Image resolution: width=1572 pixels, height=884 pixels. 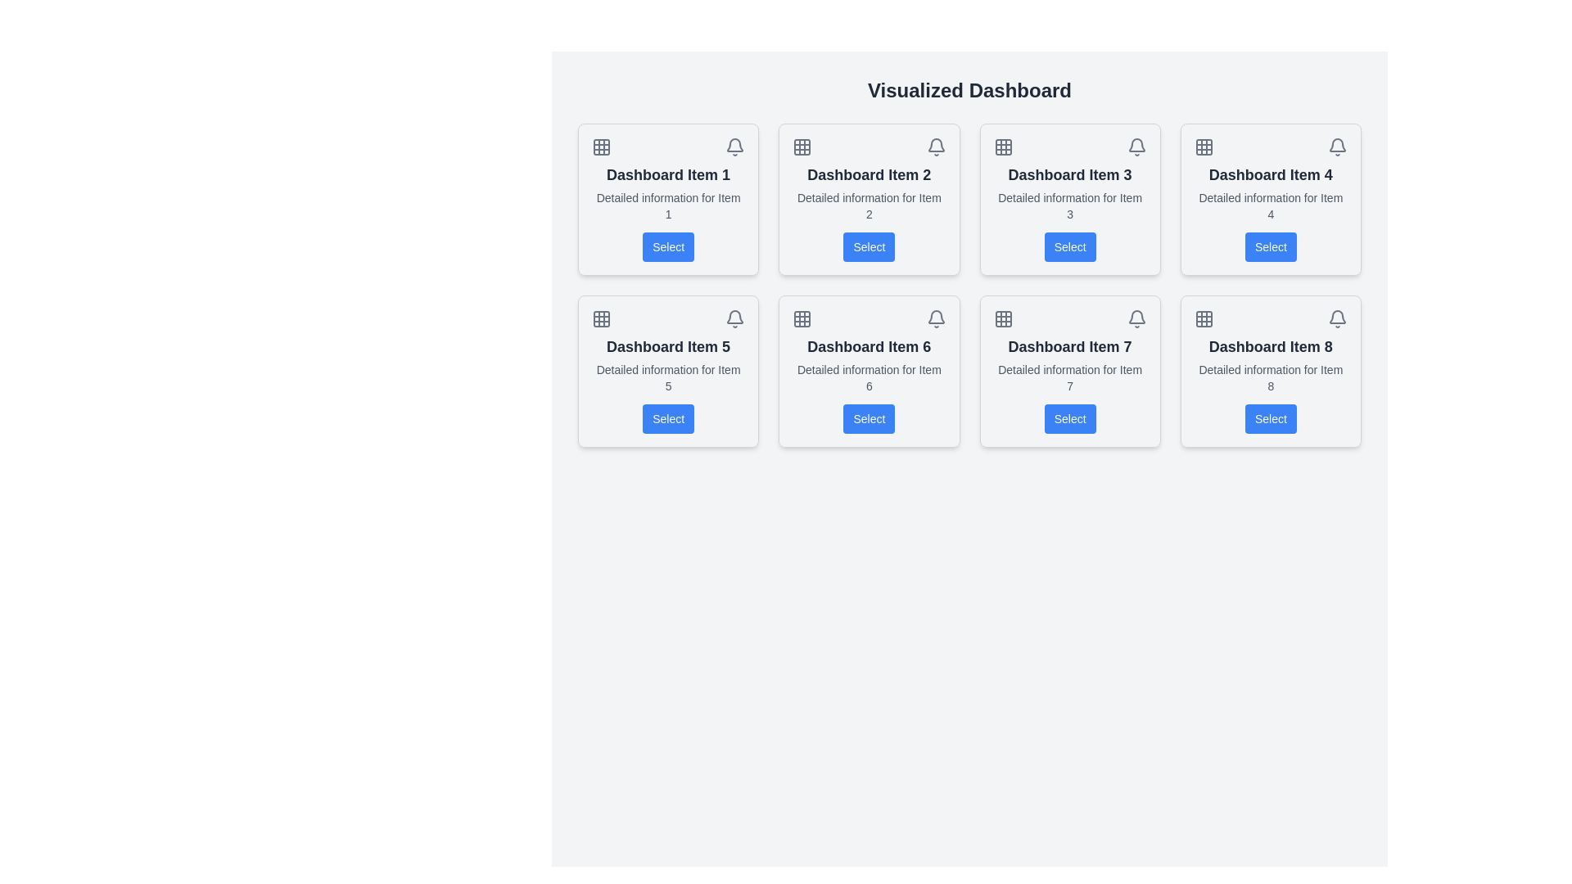 I want to click on the 'Select' button, which is a rectangular button with a blue background and white text, located at the bottom of 'Dashboard Item 6' in the grid layout, so click(x=868, y=418).